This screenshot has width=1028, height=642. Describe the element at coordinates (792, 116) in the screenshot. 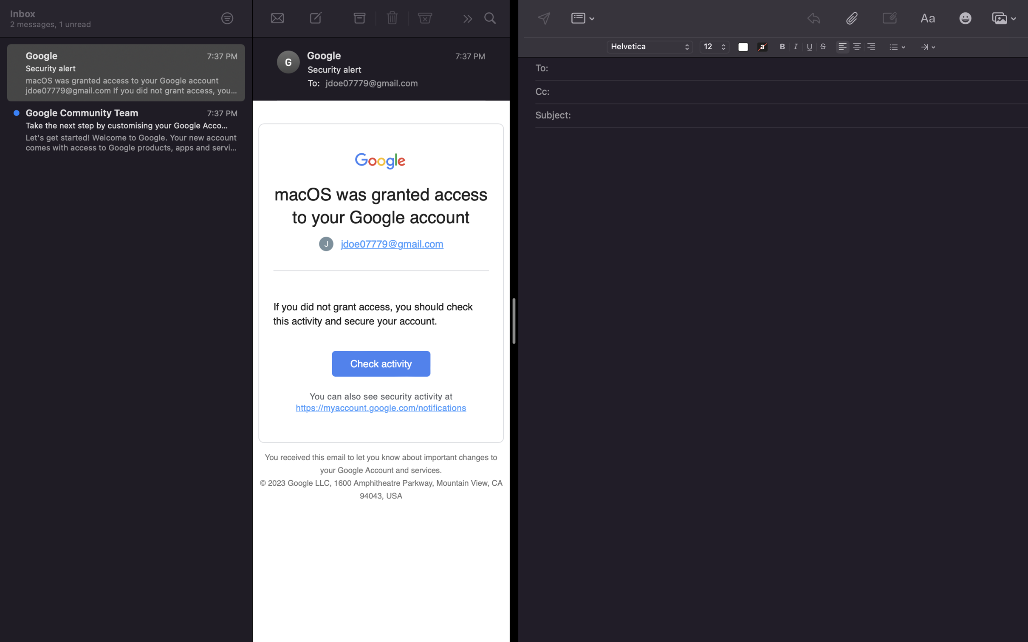

I see `Type "Application for job" as the subject` at that location.